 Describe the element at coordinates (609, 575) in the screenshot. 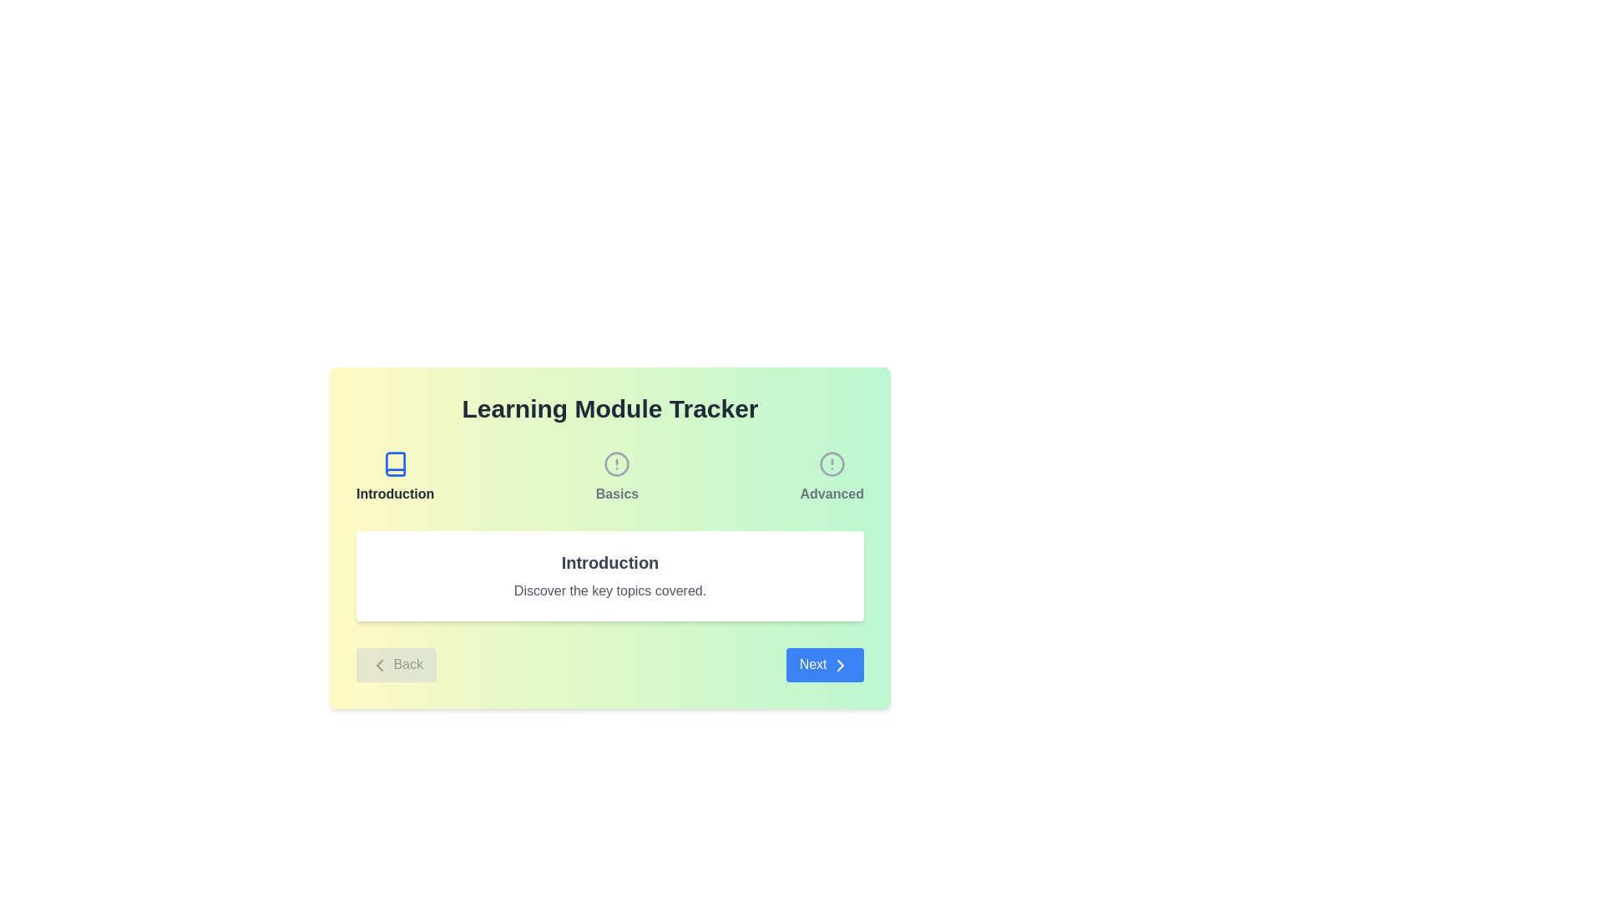

I see `text within the Informational Card located below the 'Learning Module Tracker' header, which introduces the 'Introduction' section of the learning module` at that location.